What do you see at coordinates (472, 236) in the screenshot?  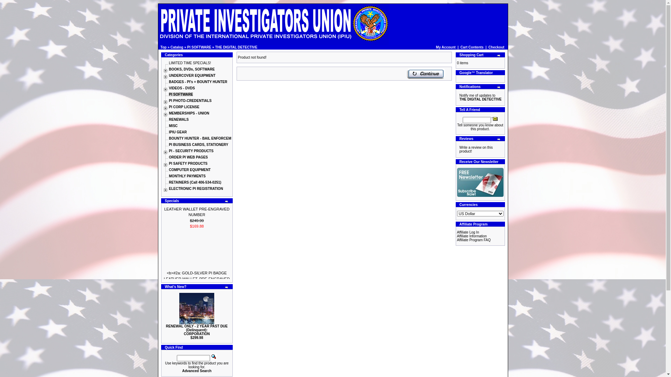 I see `'Affiliate Information'` at bounding box center [472, 236].